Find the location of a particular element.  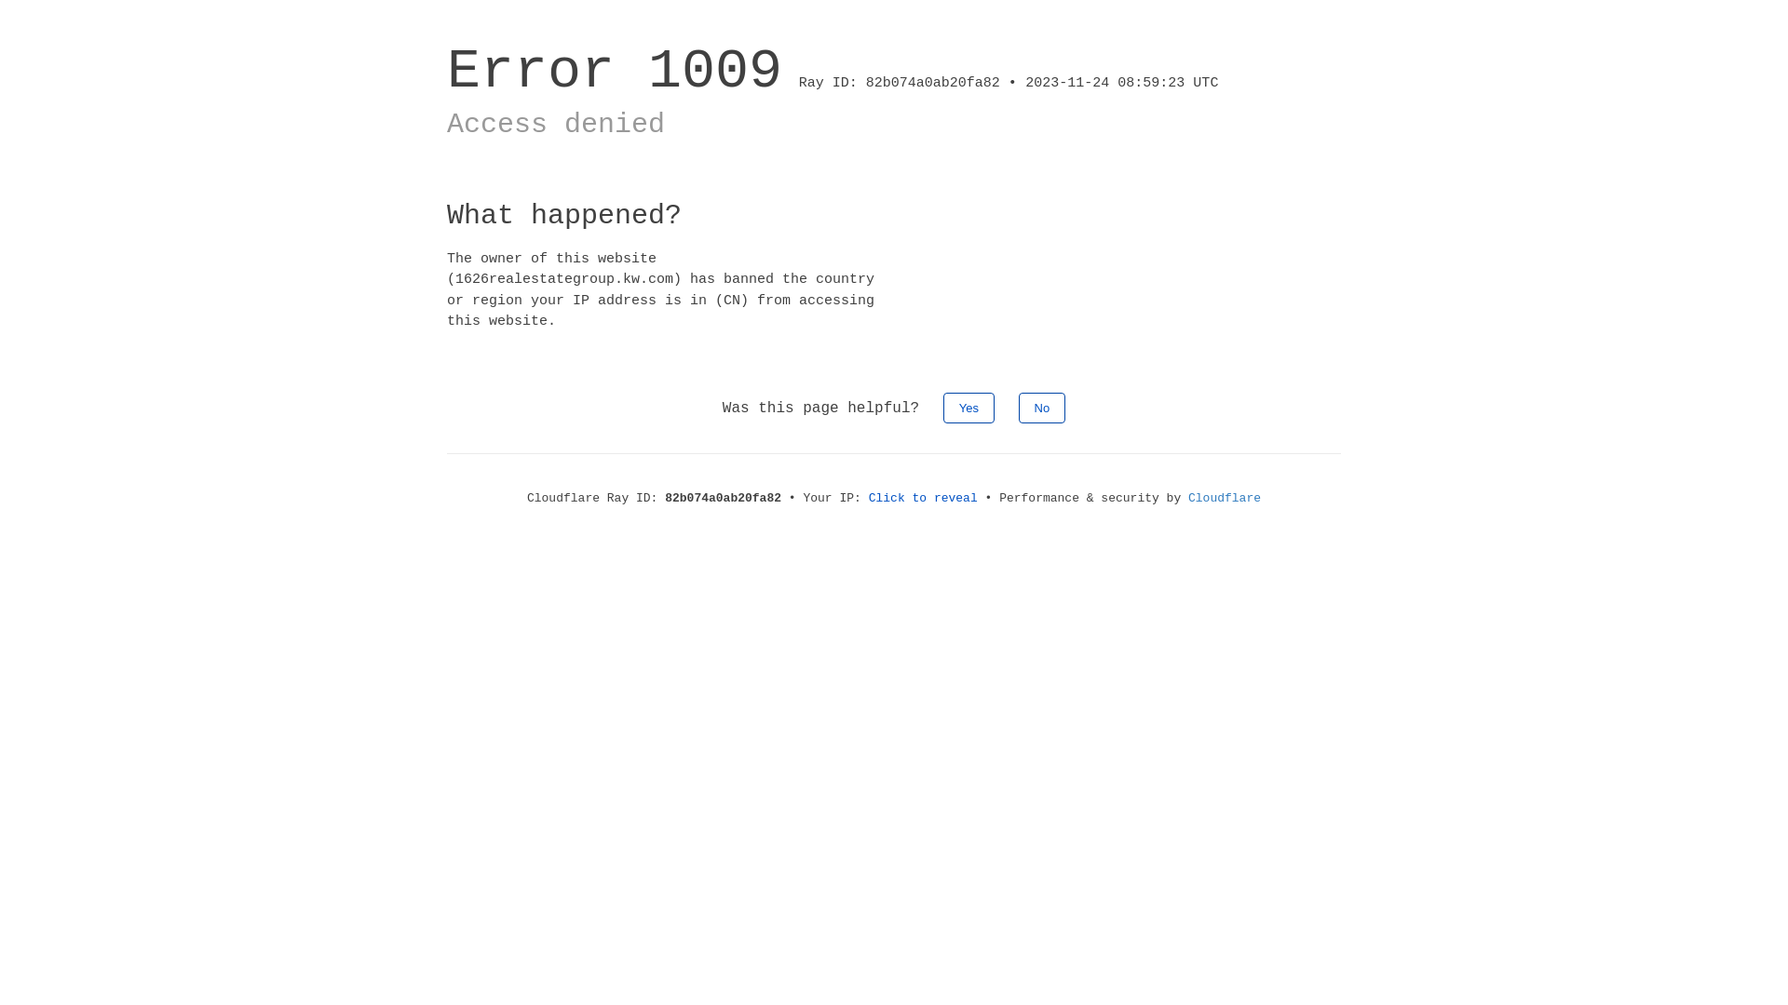

'Yes' is located at coordinates (942, 407).